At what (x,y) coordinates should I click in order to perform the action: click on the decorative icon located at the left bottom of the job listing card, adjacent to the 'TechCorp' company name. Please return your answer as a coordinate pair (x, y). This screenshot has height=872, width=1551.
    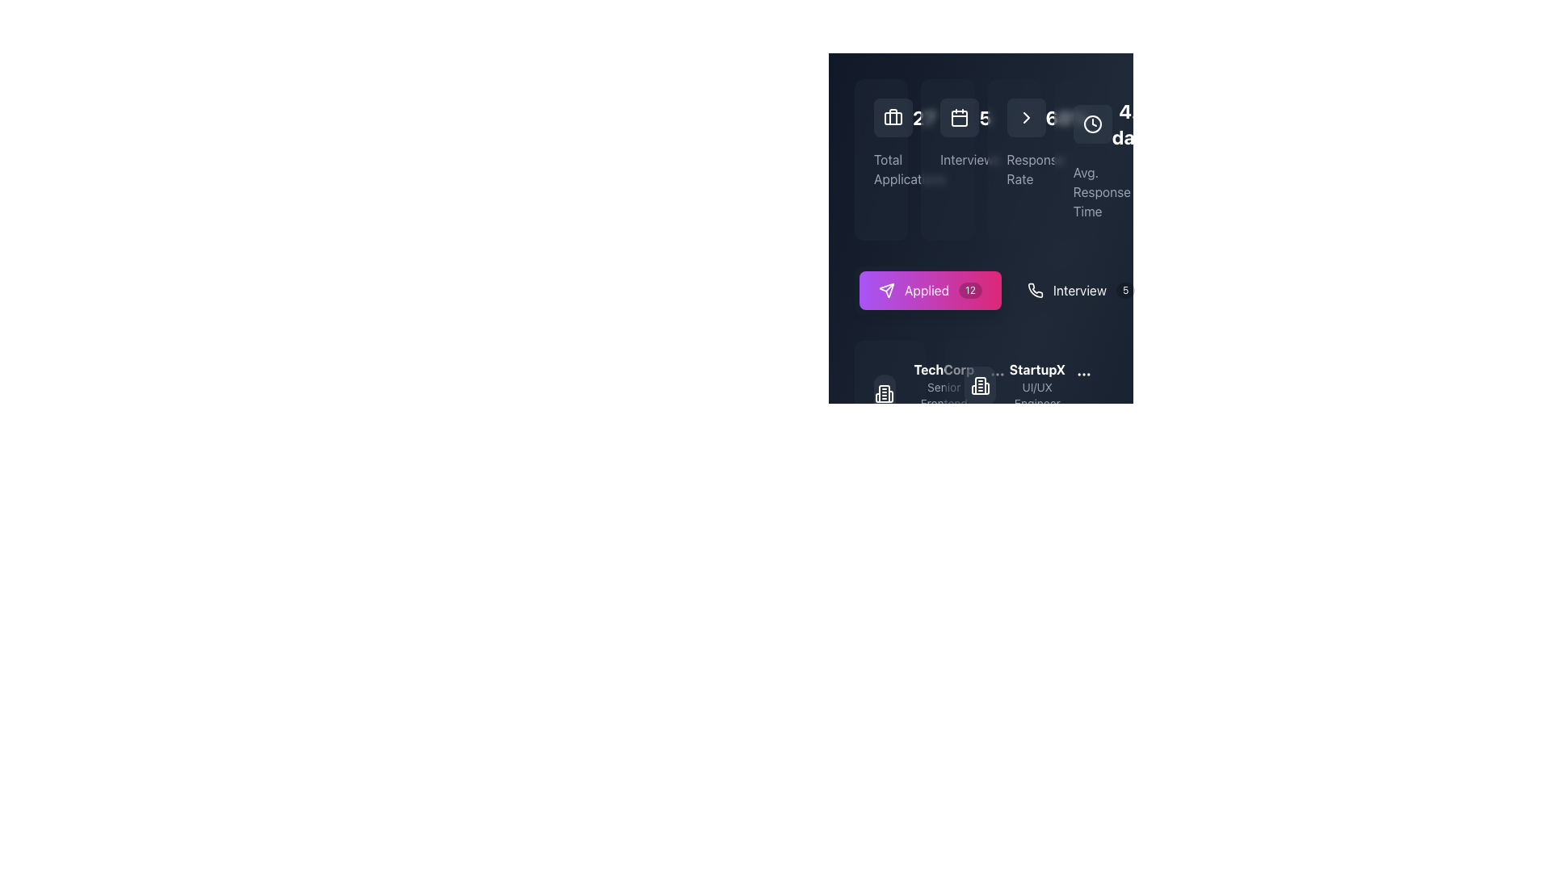
    Looking at the image, I should click on (889, 394).